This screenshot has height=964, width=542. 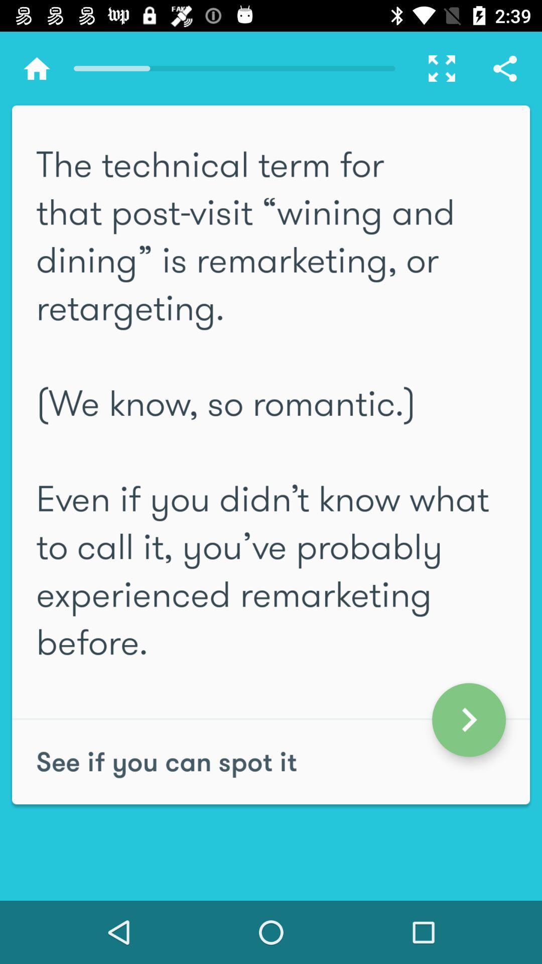 What do you see at coordinates (36, 68) in the screenshot?
I see `the home icon` at bounding box center [36, 68].